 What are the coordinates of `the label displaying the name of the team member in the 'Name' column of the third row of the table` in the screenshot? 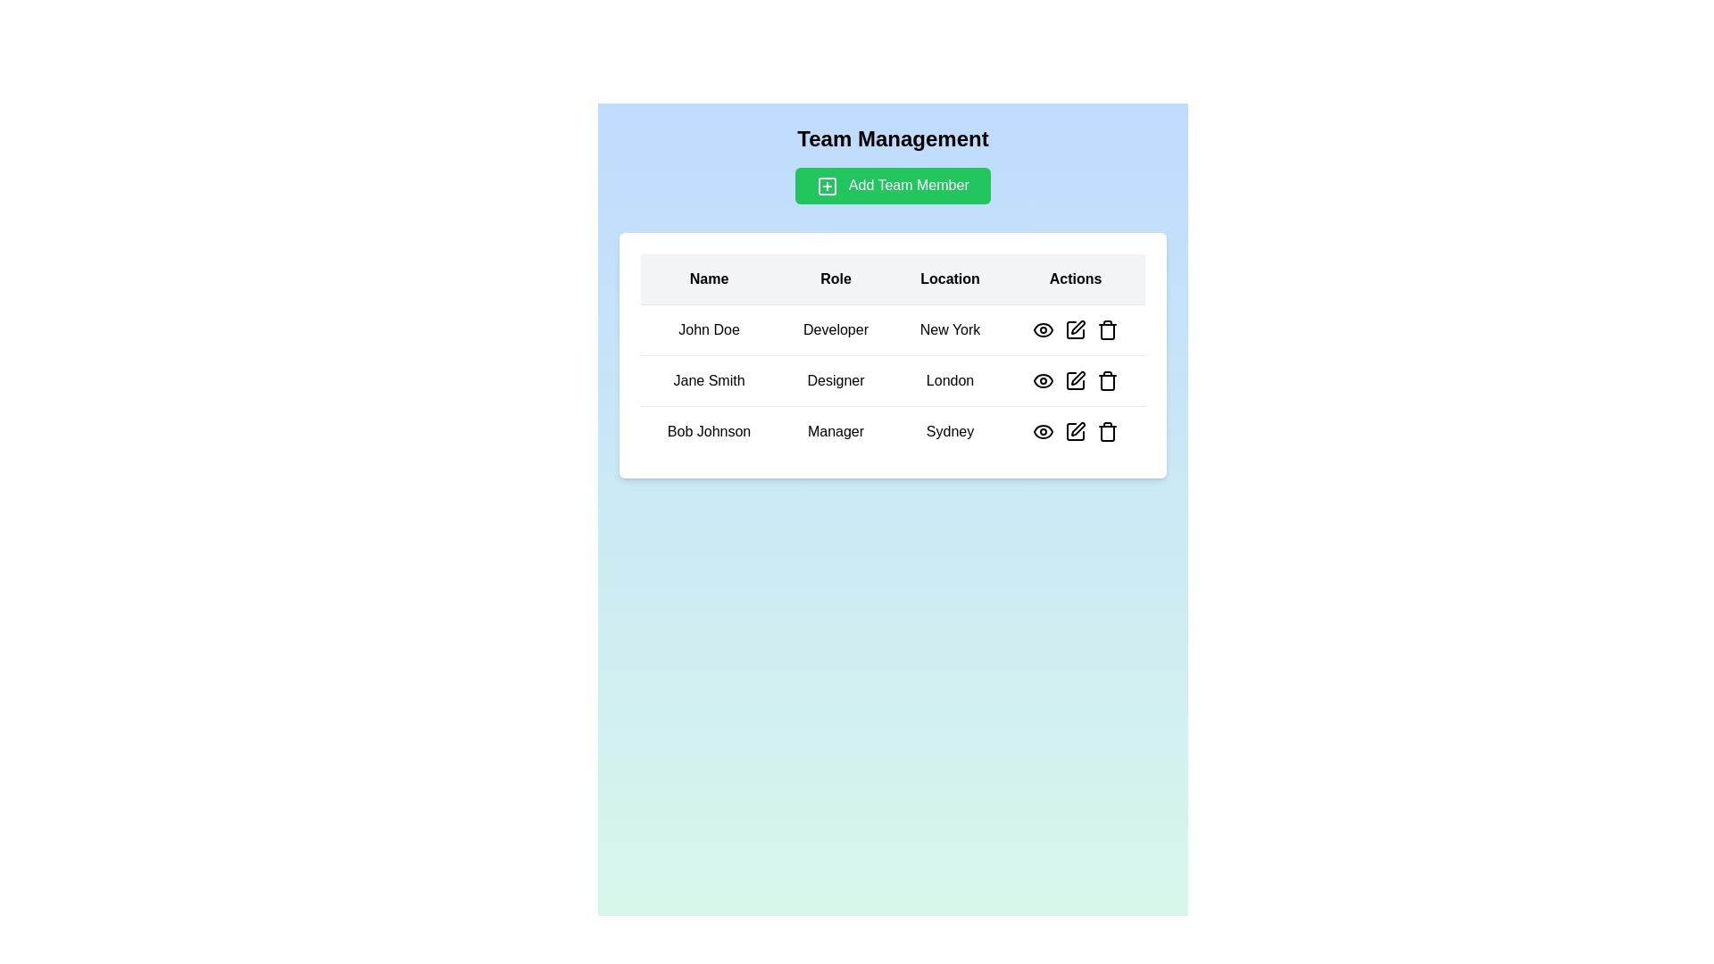 It's located at (708, 431).